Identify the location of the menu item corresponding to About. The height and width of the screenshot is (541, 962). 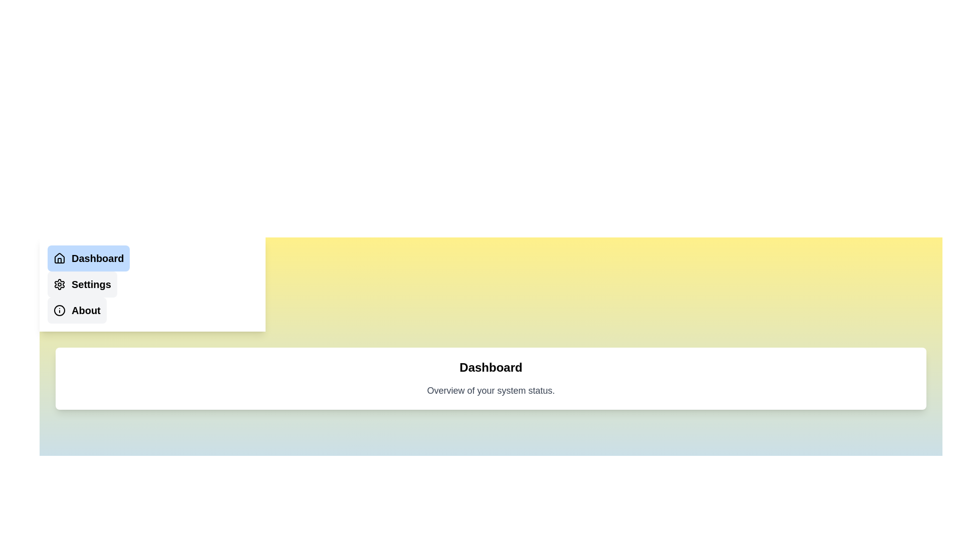
(76, 310).